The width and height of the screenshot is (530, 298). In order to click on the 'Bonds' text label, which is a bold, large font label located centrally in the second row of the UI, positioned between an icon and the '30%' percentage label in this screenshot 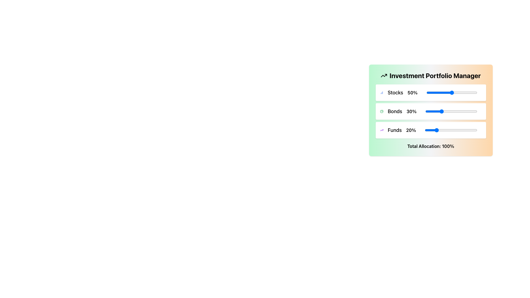, I will do `click(394, 111)`.